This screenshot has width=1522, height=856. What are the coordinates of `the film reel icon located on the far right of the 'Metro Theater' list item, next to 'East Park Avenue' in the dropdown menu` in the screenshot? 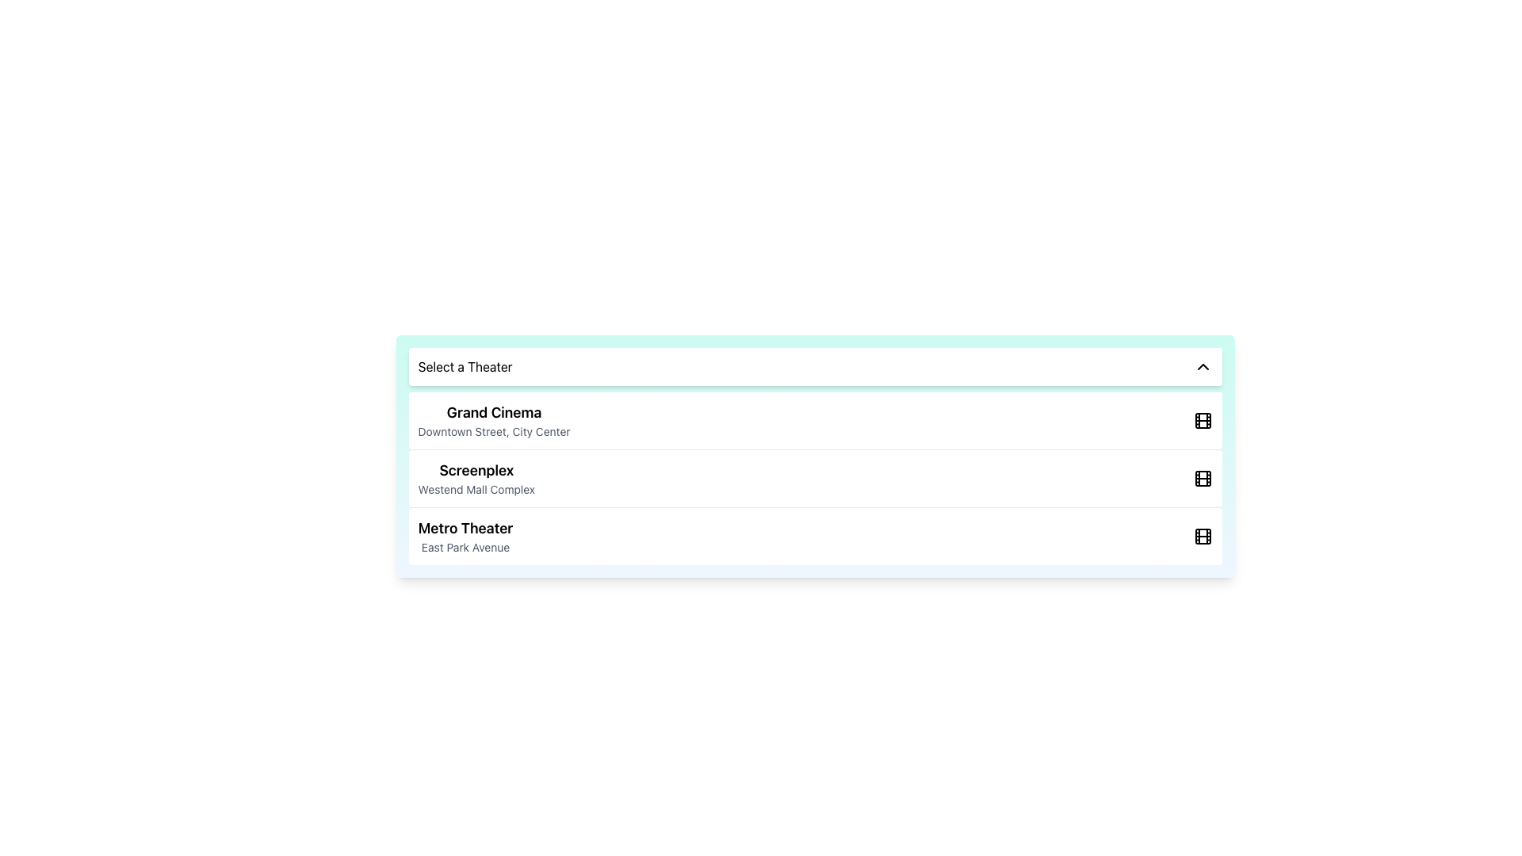 It's located at (1203, 536).